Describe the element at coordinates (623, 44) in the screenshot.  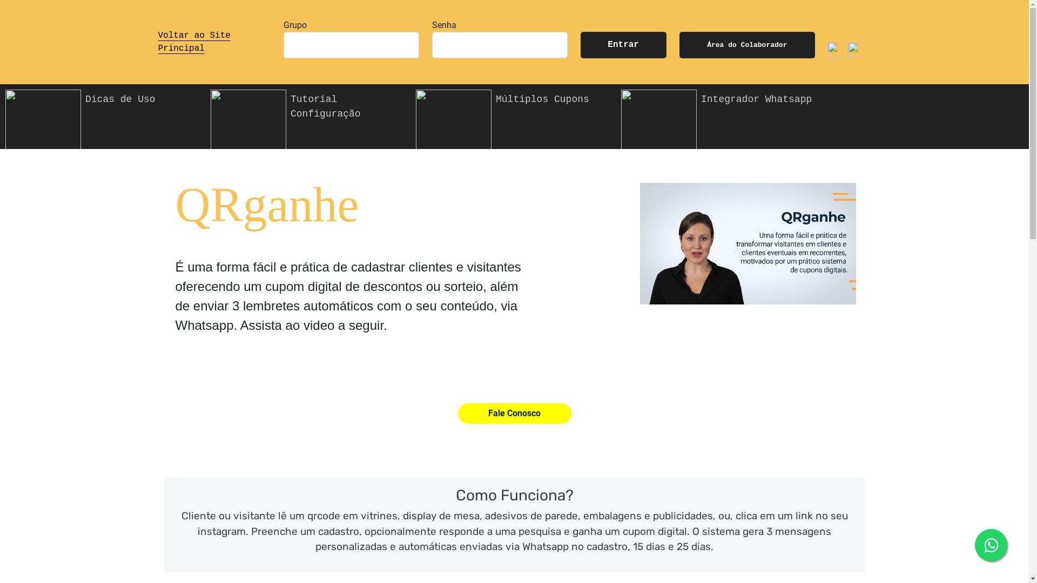
I see `'Entrar'` at that location.